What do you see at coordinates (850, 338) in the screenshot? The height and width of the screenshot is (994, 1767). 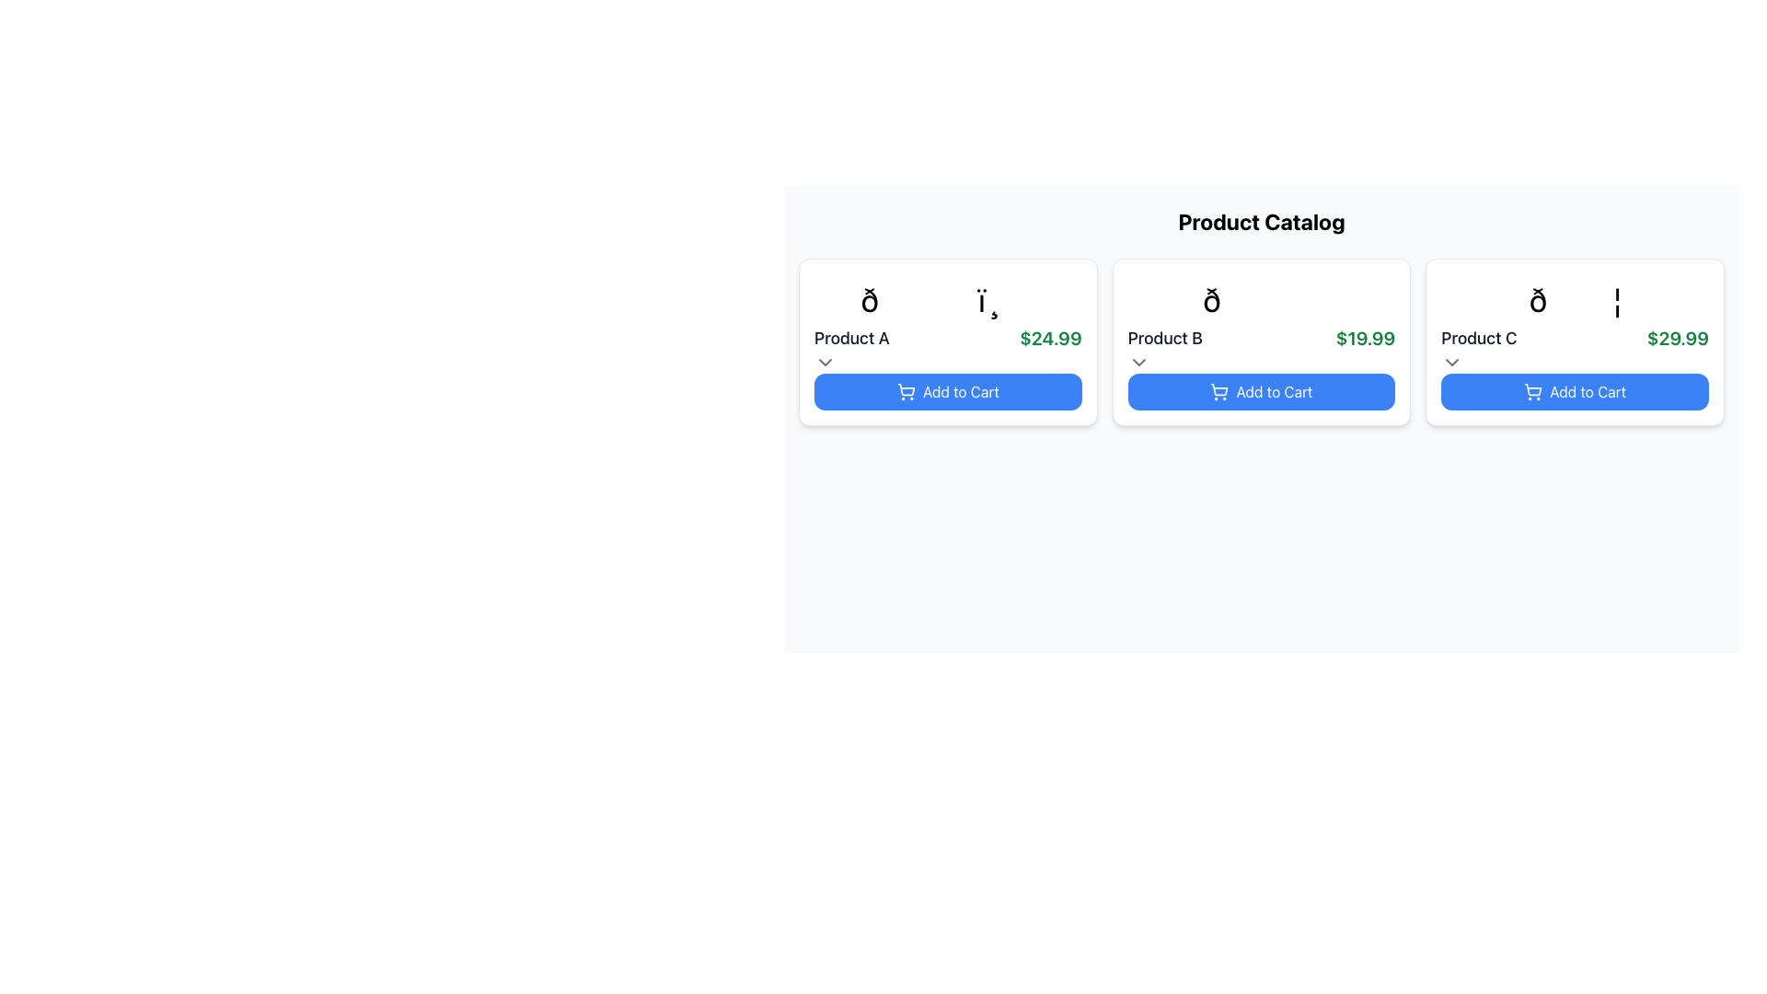 I see `the text label that serves as the title of the product` at bounding box center [850, 338].